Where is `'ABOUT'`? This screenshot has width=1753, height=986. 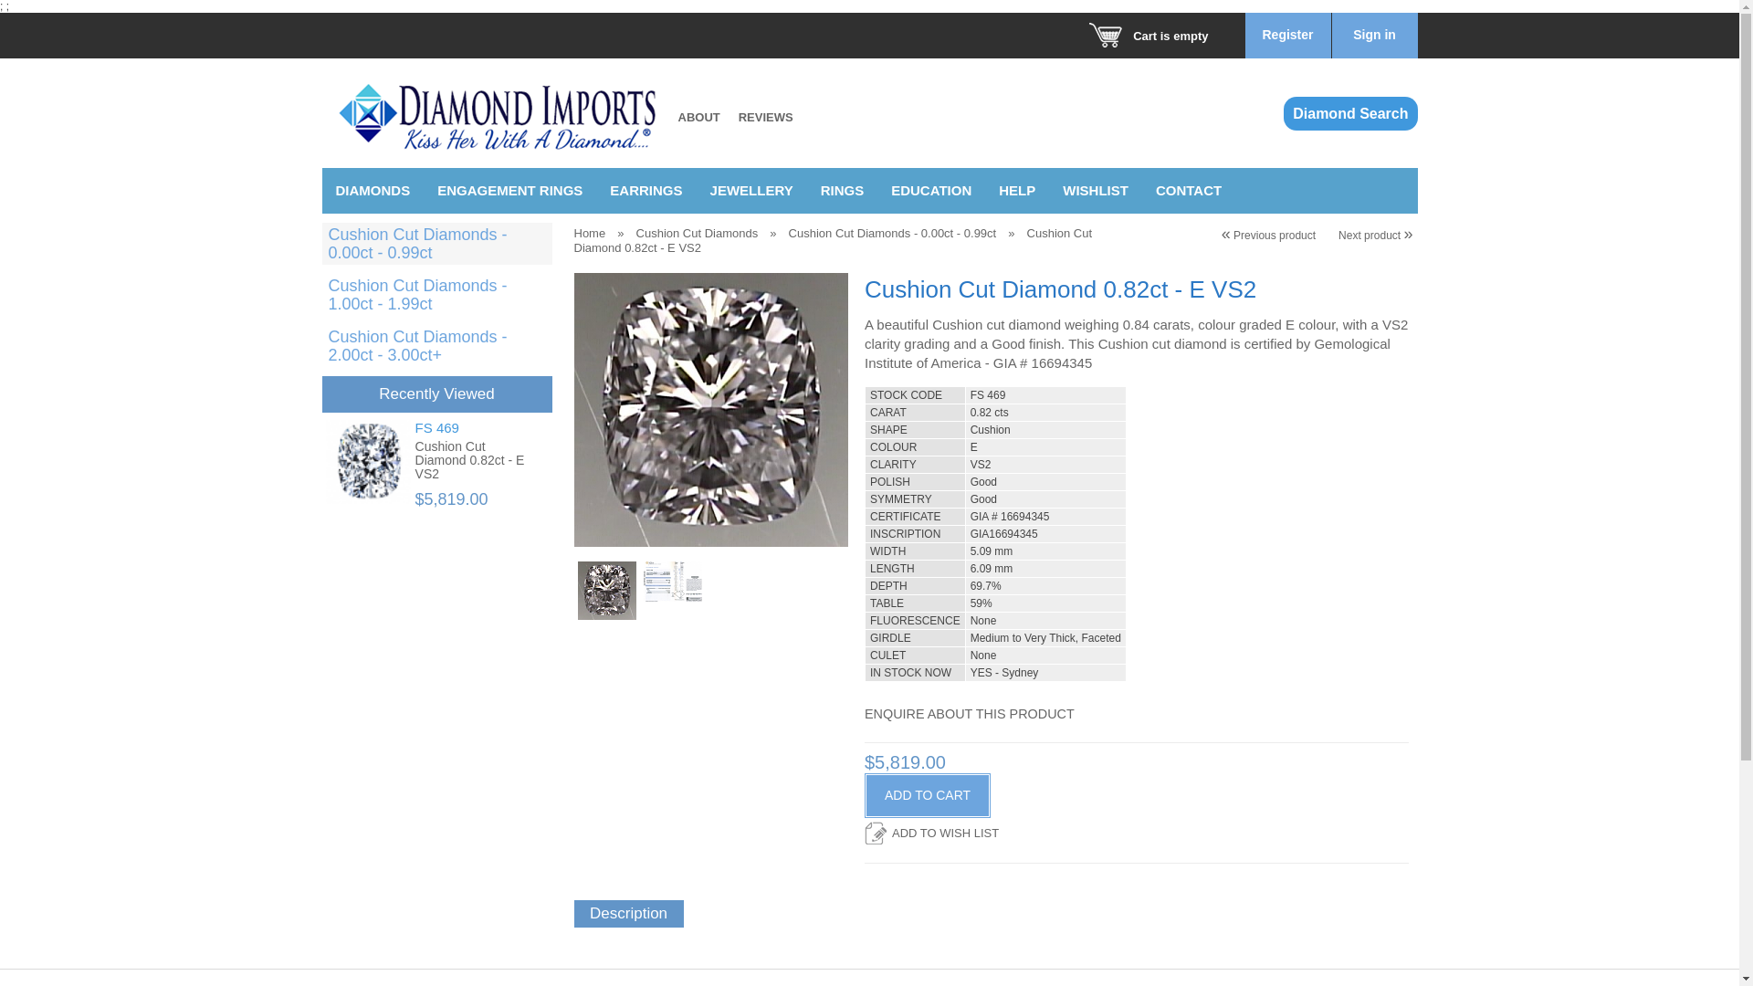
'ABOUT' is located at coordinates (698, 119).